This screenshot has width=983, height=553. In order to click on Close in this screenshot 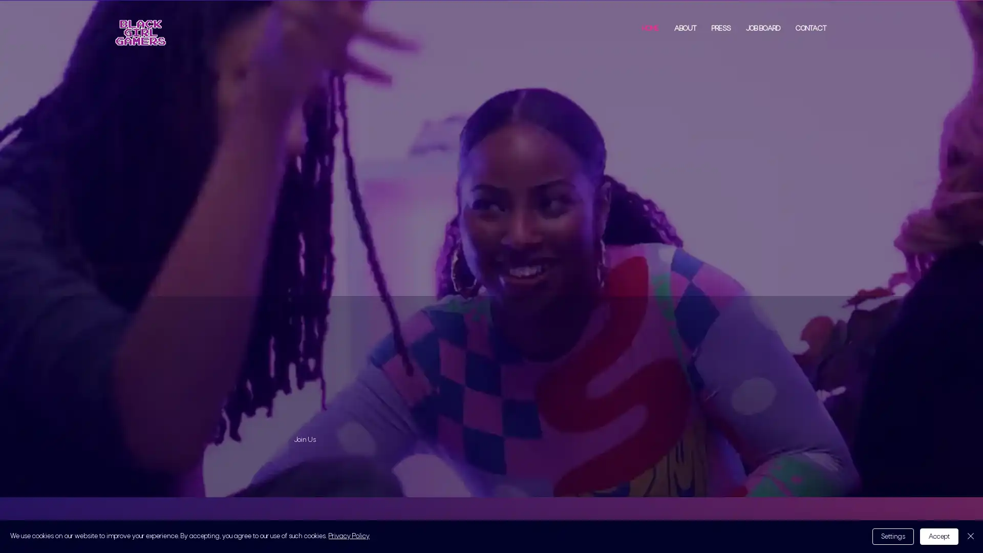, I will do `click(970, 536)`.